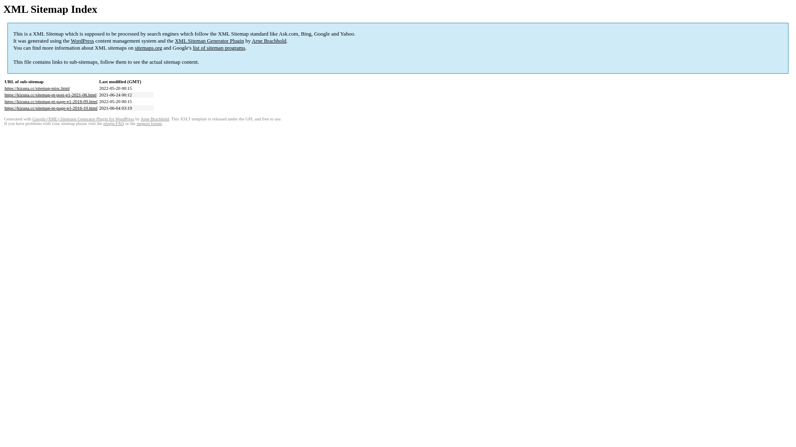 Image resolution: width=796 pixels, height=447 pixels. What do you see at coordinates (82, 41) in the screenshot?
I see `'WordPress'` at bounding box center [82, 41].